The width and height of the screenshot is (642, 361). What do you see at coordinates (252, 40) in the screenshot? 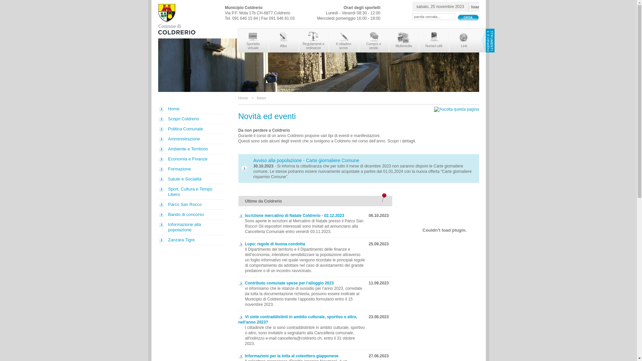
I see `'Sportello virtuale'` at bounding box center [252, 40].